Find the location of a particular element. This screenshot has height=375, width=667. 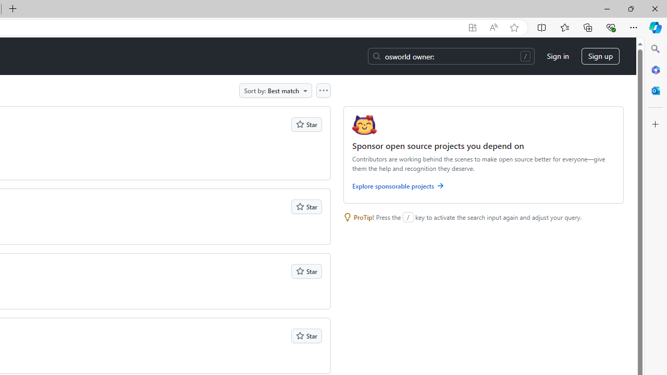

'Sort by: Best match' is located at coordinates (276, 90).